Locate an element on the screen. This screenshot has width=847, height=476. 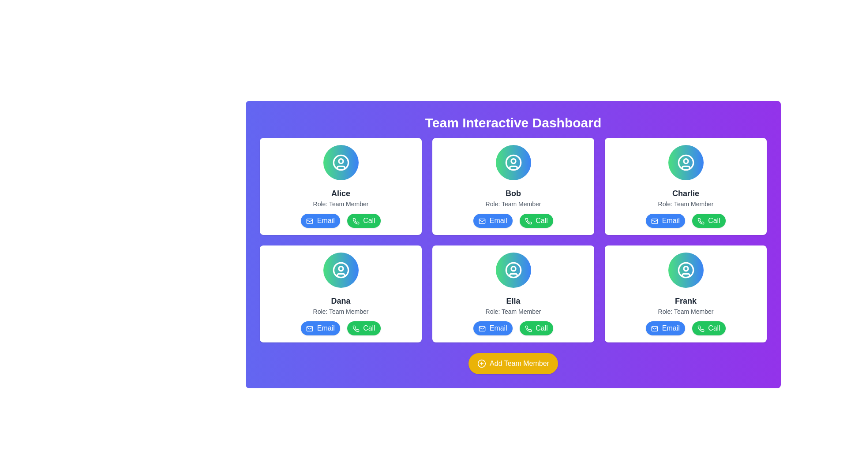
the 'Email' button with a blue background, white border, and a mail icon is located at coordinates (665, 328).